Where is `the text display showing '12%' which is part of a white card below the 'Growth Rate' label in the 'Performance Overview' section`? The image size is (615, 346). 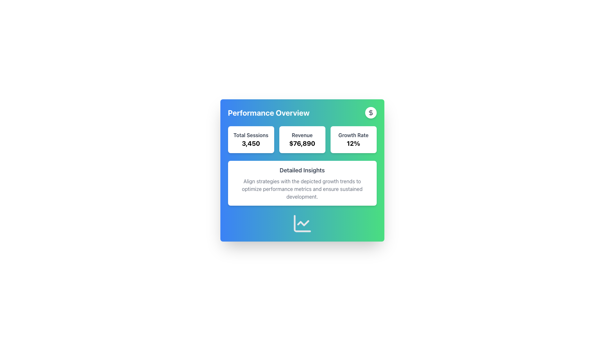 the text display showing '12%' which is part of a white card below the 'Growth Rate' label in the 'Performance Overview' section is located at coordinates (353, 143).